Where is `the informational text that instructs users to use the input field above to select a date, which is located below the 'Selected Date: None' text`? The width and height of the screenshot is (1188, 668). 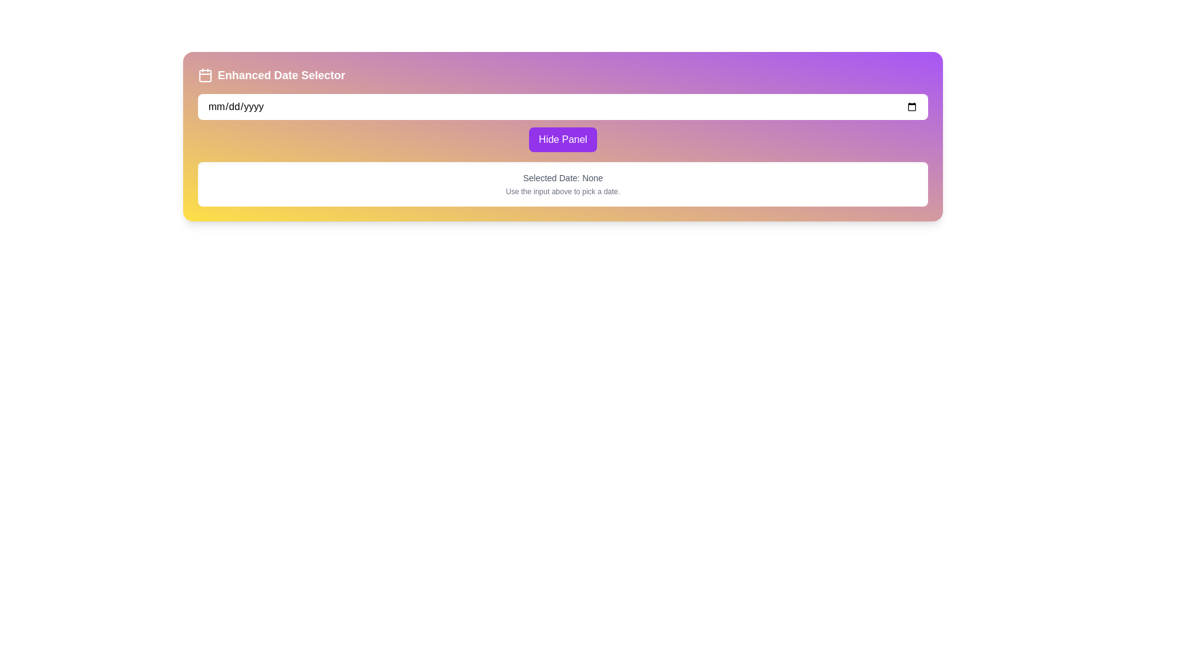
the informational text that instructs users to use the input field above to select a date, which is located below the 'Selected Date: None' text is located at coordinates (562, 191).